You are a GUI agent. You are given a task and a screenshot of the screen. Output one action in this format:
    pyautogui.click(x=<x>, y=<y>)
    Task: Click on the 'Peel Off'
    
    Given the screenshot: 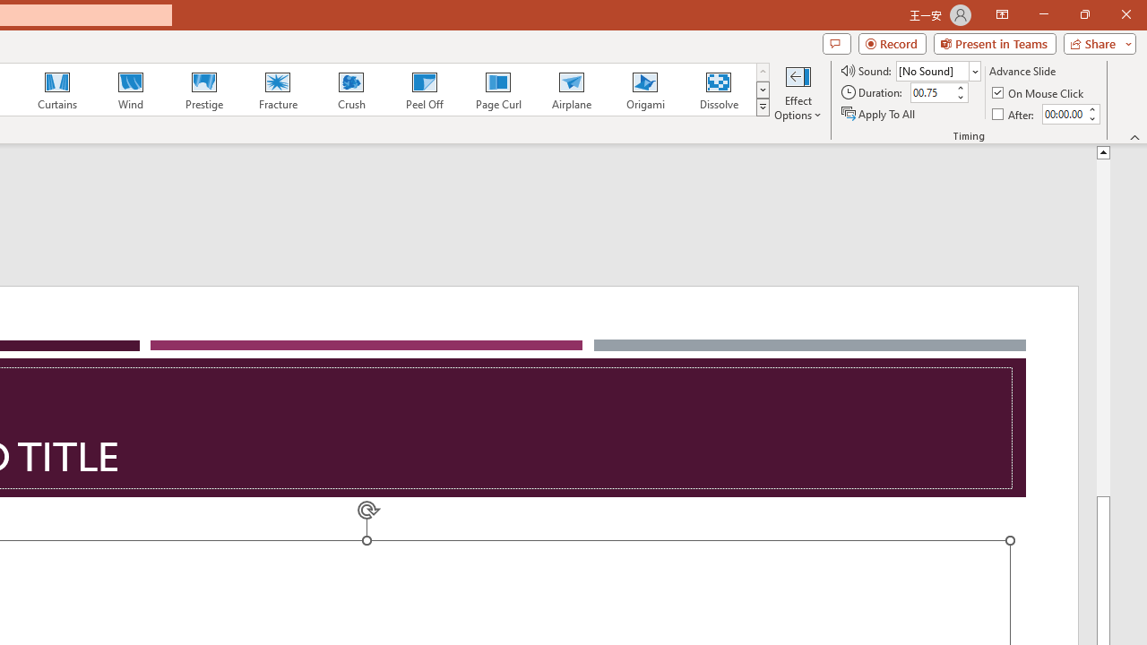 What is the action you would take?
    pyautogui.click(x=423, y=90)
    